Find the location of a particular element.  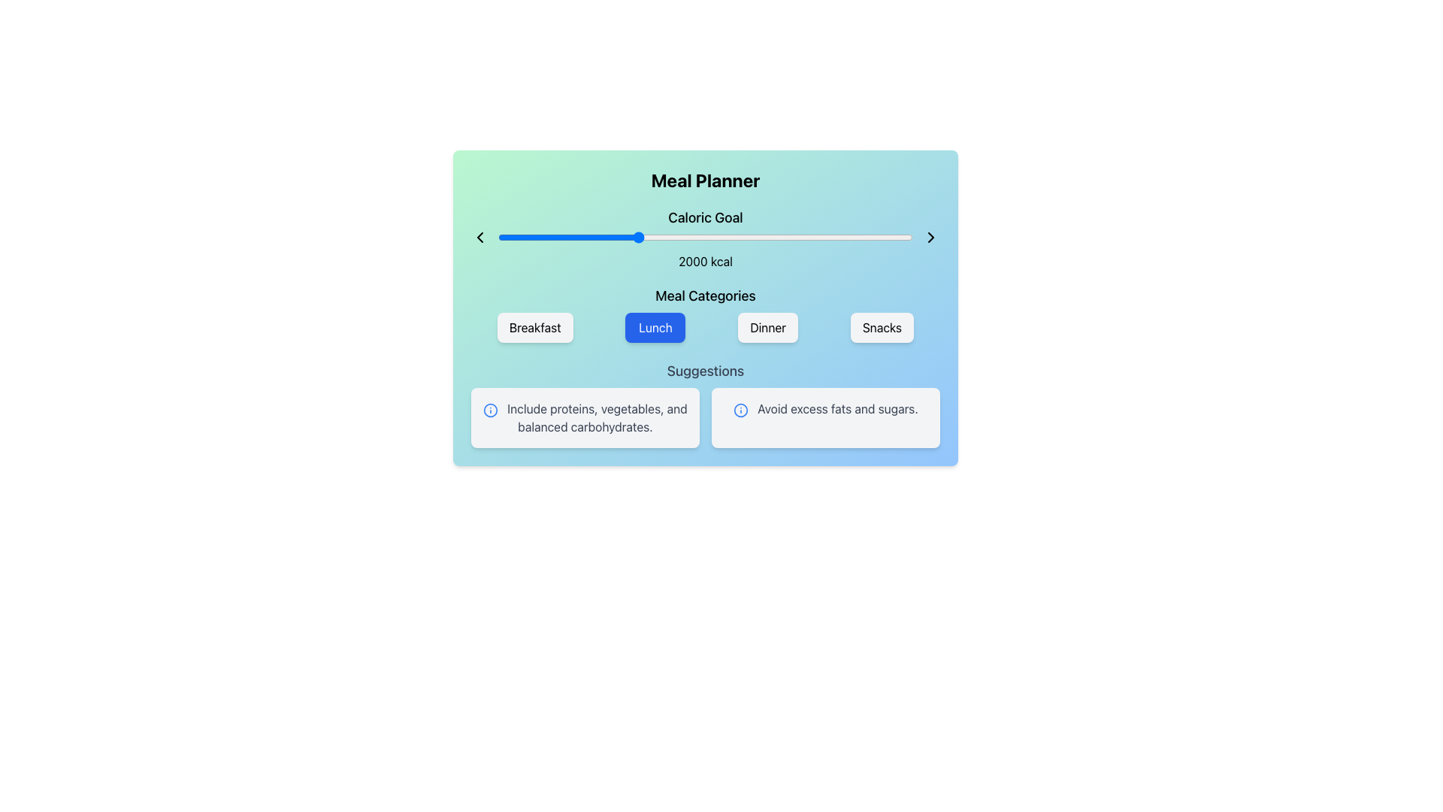

caloric goal is located at coordinates (537, 237).